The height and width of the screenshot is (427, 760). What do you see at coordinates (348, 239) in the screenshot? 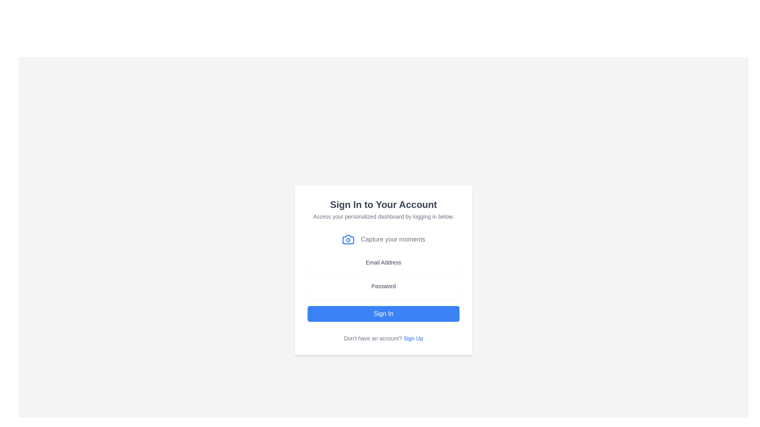
I see `the camera icon with a blue outline, which is located above the 'Capture your moments' text` at bounding box center [348, 239].